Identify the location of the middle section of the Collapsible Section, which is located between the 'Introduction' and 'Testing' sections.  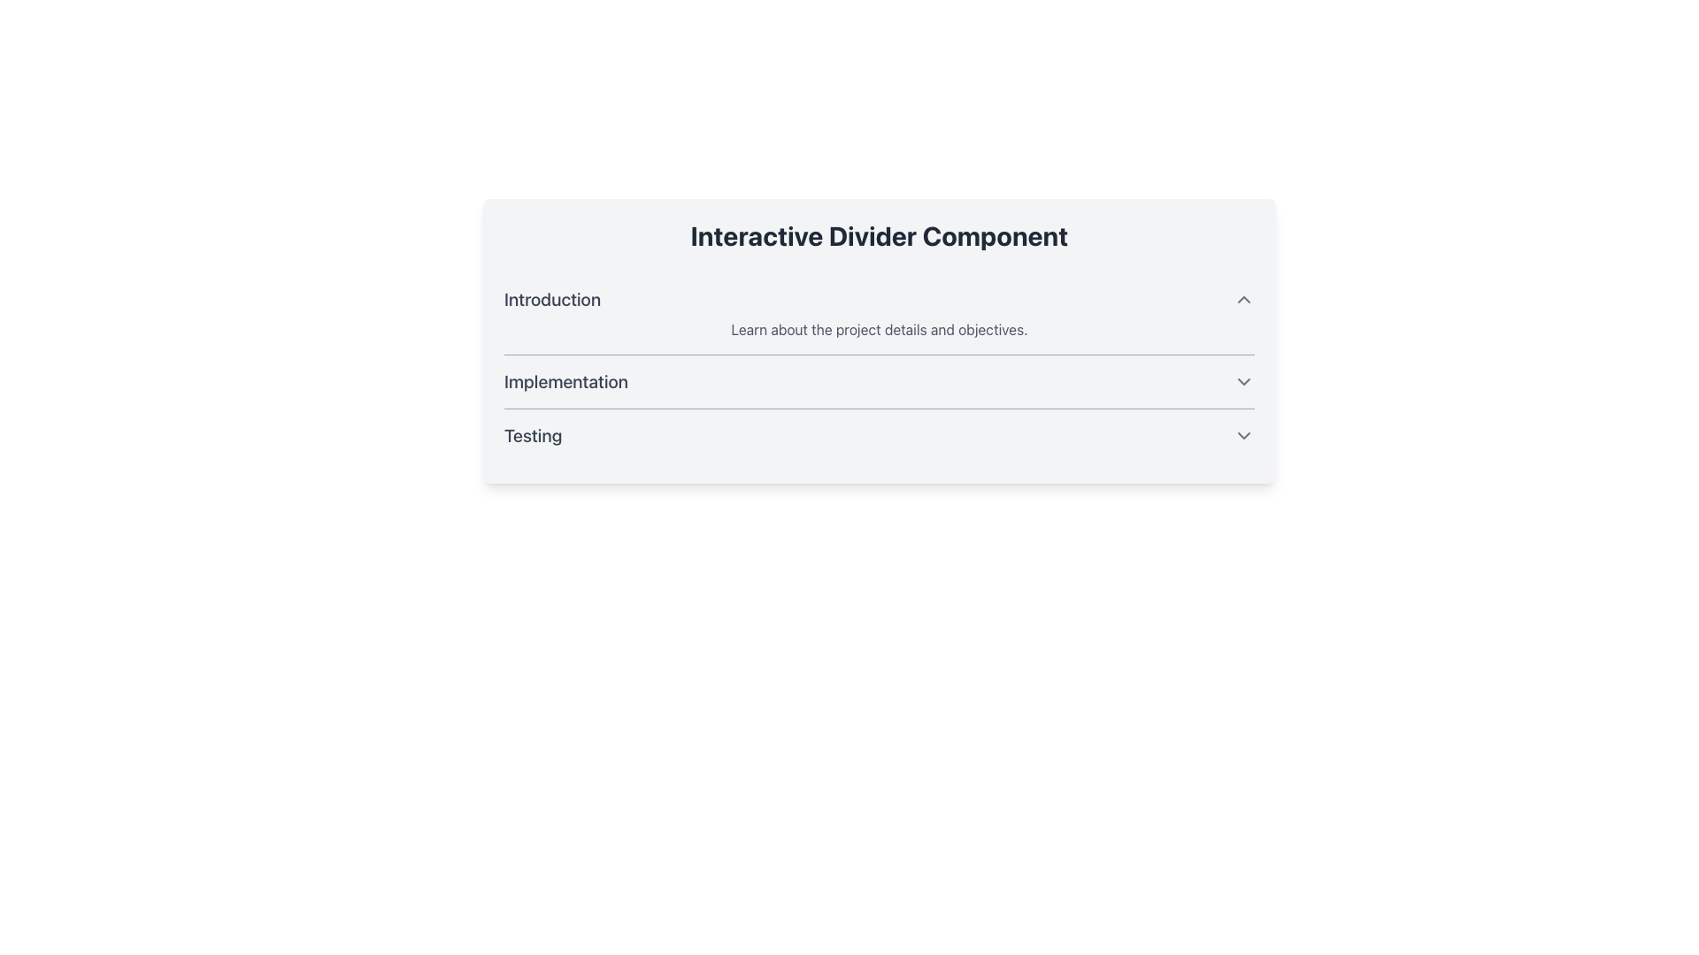
(879, 367).